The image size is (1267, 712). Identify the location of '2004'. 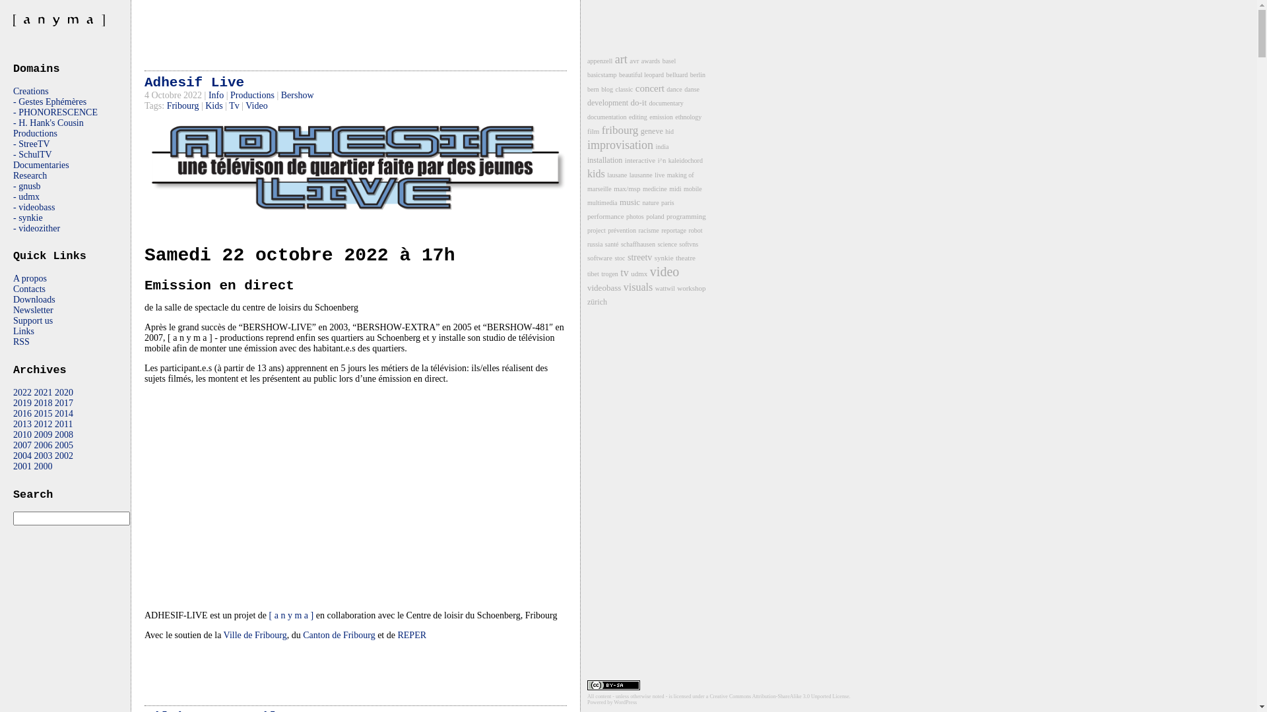
(13, 455).